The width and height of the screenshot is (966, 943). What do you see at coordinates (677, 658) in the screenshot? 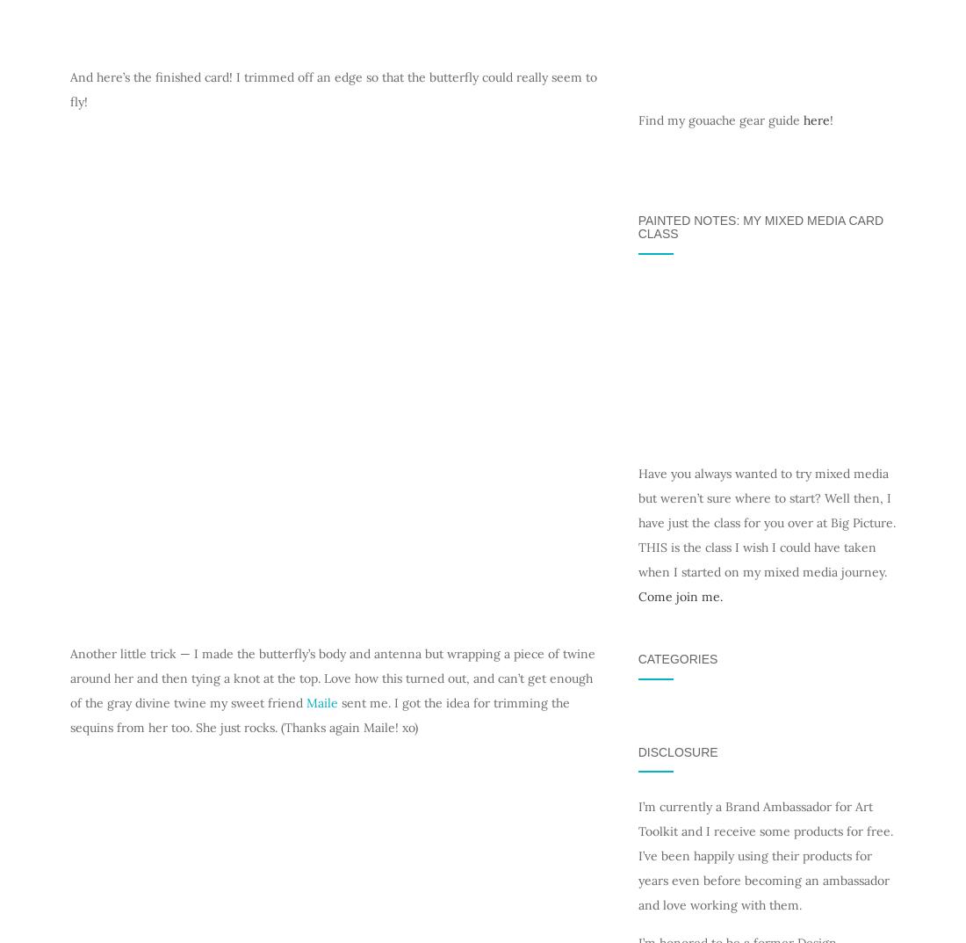
I see `'Categories'` at bounding box center [677, 658].